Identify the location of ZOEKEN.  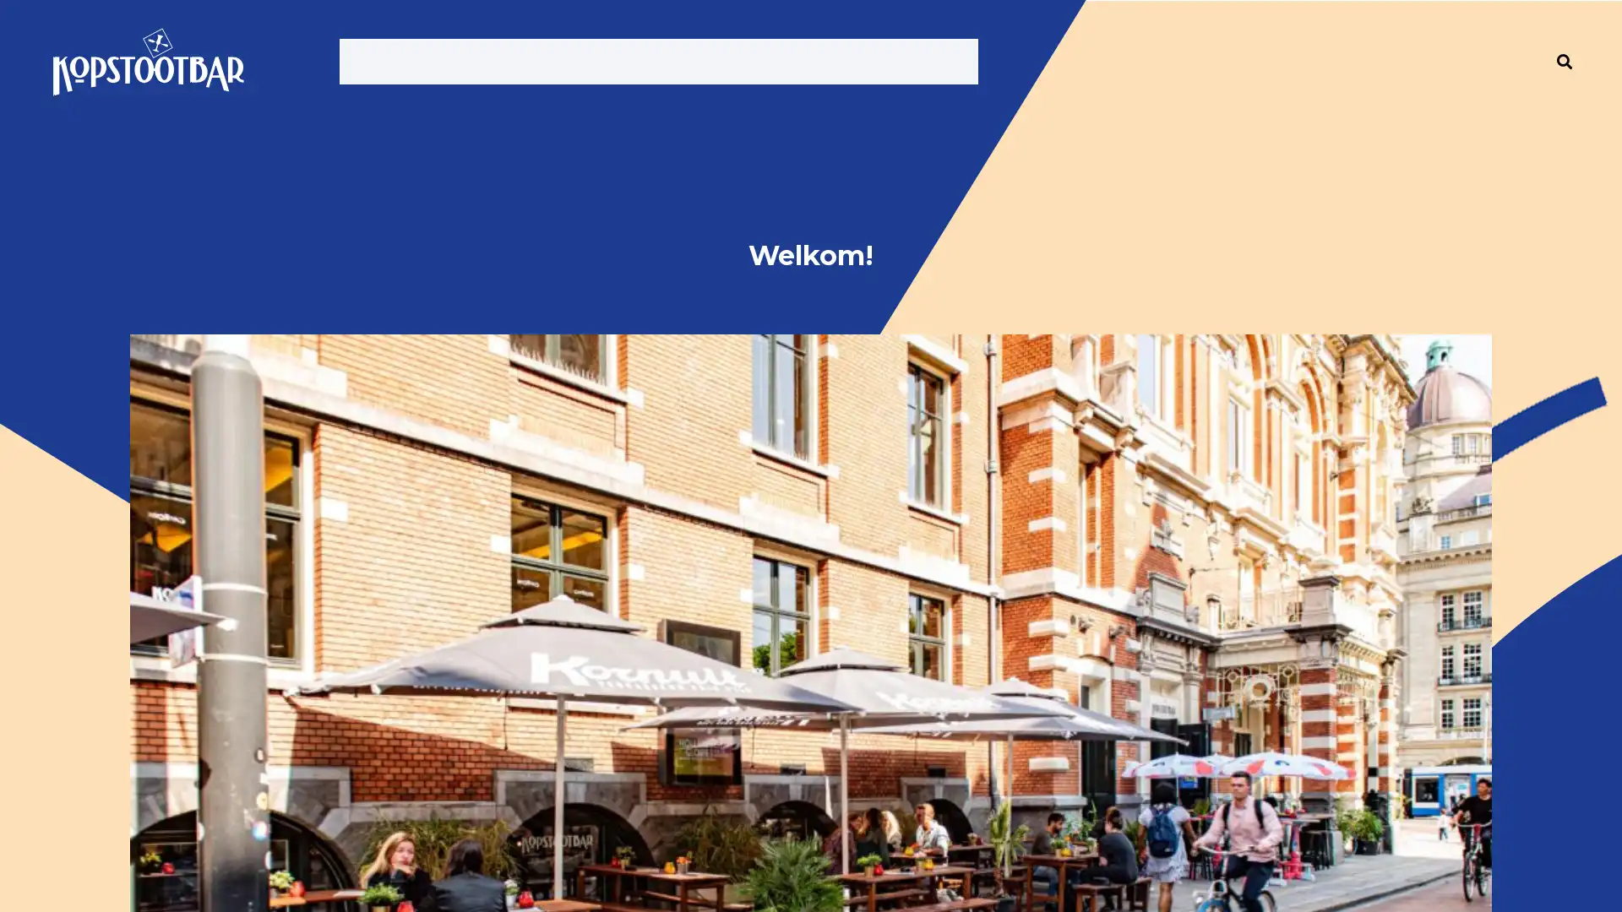
(1564, 61).